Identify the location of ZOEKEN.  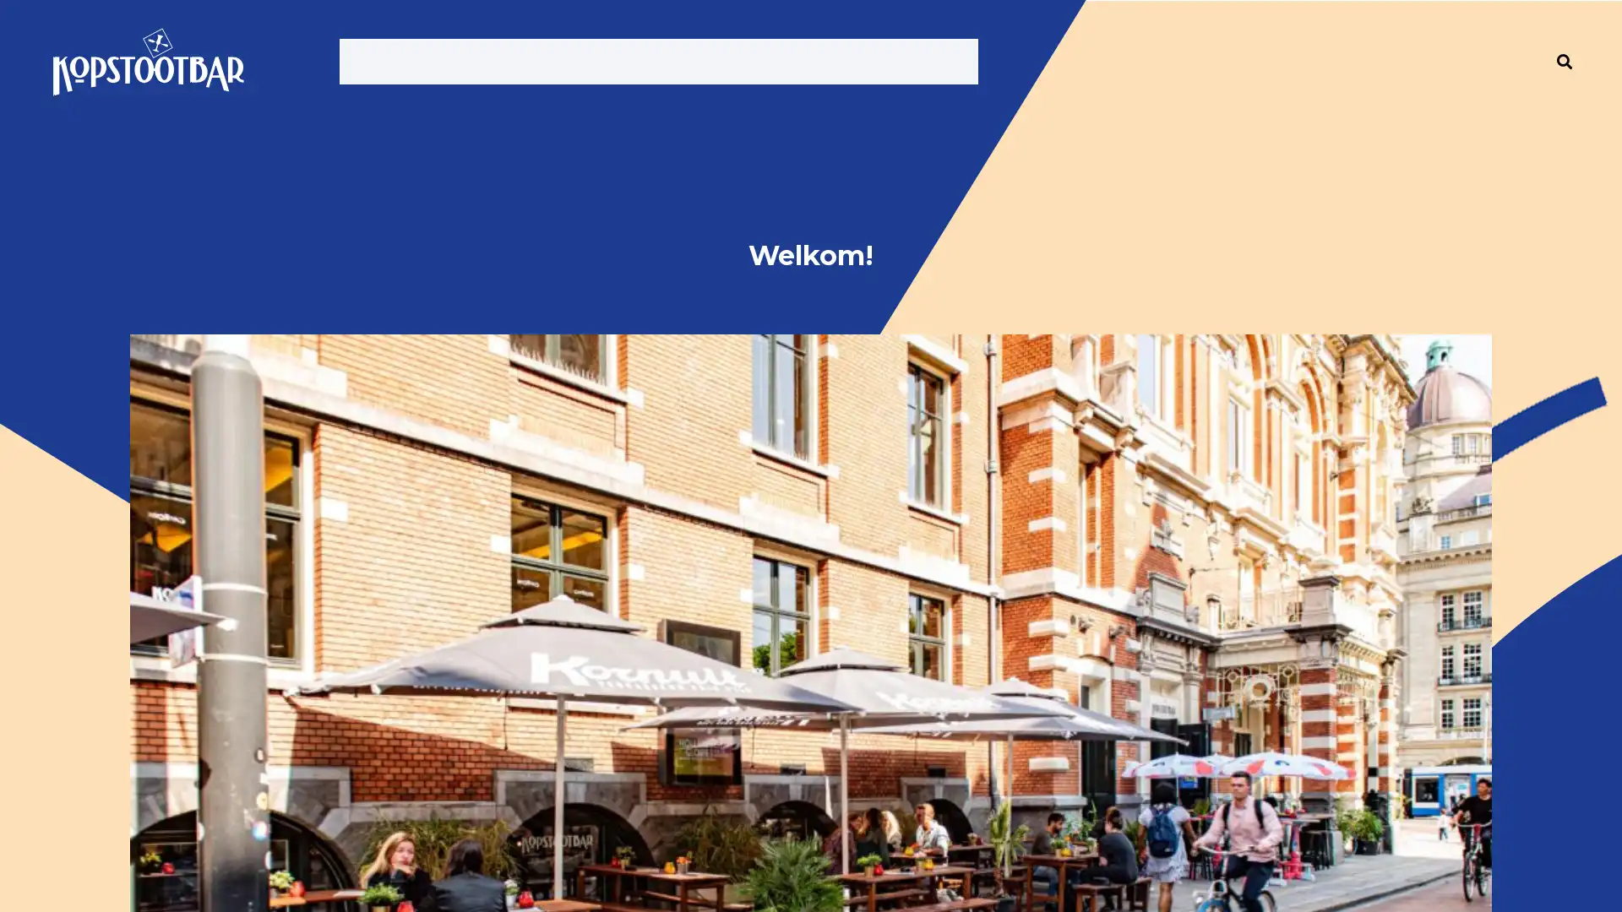
(1564, 61).